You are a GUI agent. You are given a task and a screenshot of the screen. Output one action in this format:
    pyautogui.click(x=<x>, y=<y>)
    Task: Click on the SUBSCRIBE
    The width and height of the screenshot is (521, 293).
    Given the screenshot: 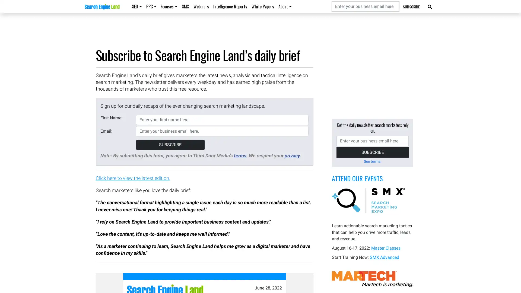 What is the action you would take?
    pyautogui.click(x=170, y=144)
    